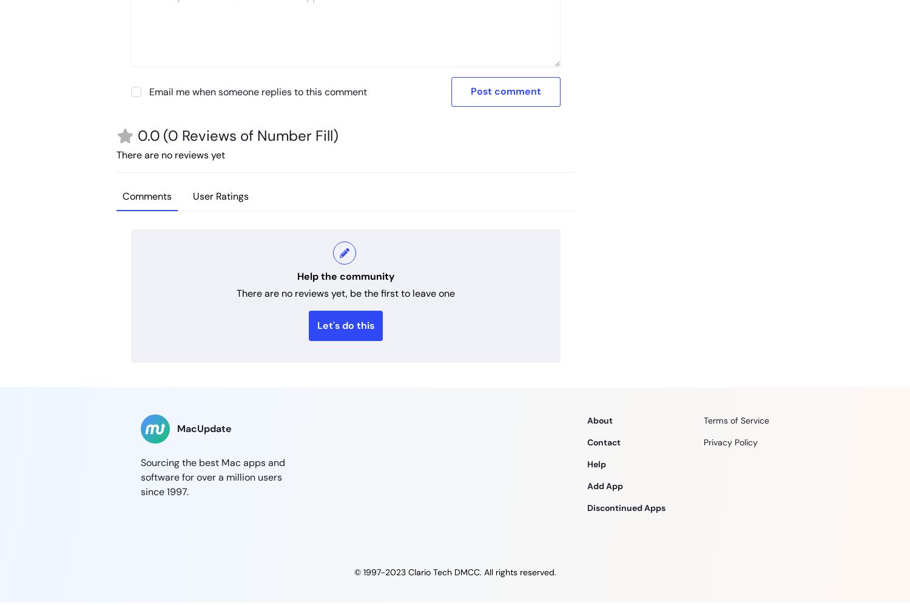 The height and width of the screenshot is (605, 910). I want to click on ')', so click(335, 135).